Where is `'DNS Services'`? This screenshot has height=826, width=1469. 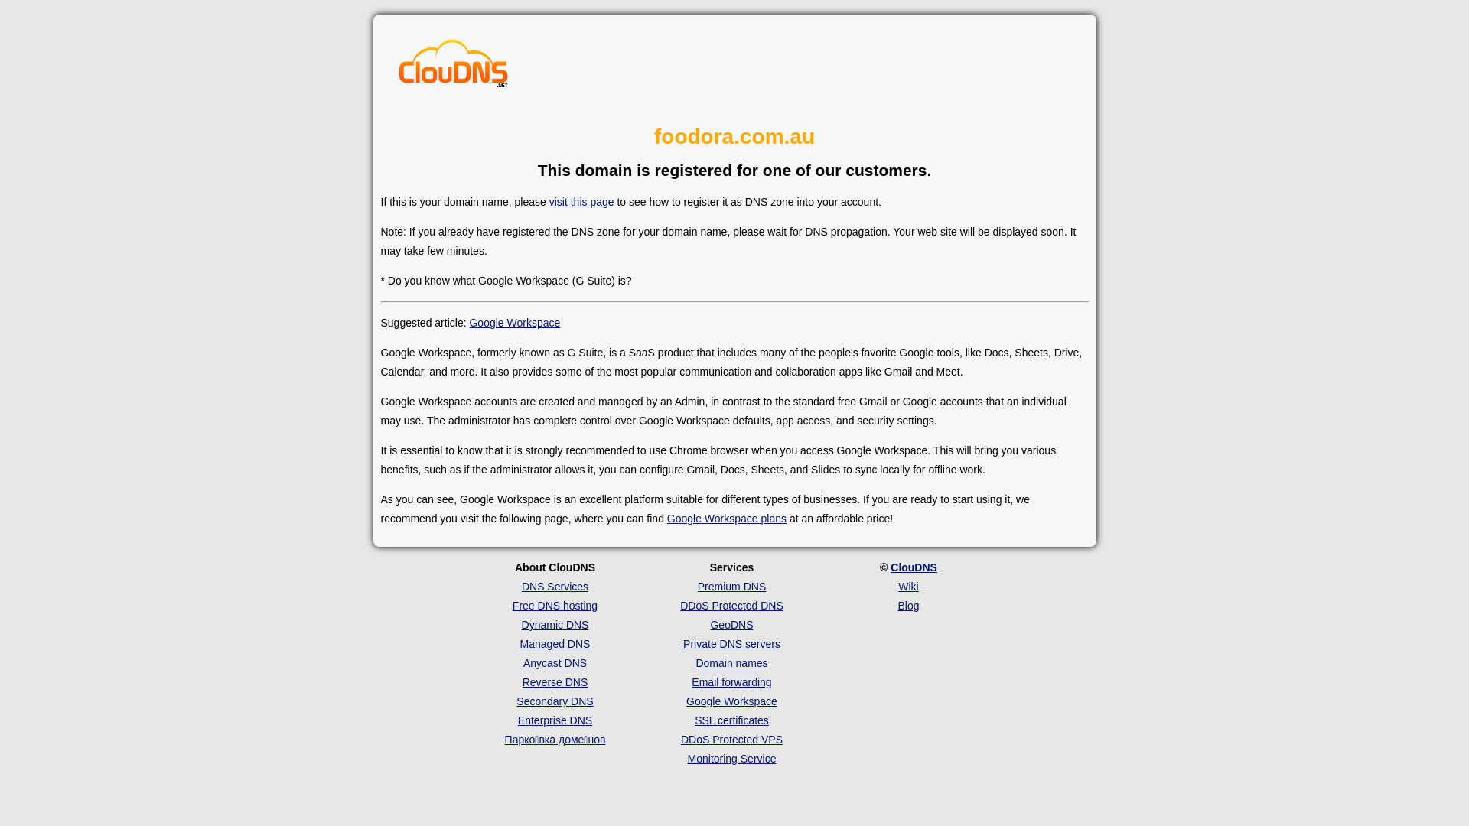 'DNS Services' is located at coordinates (521, 586).